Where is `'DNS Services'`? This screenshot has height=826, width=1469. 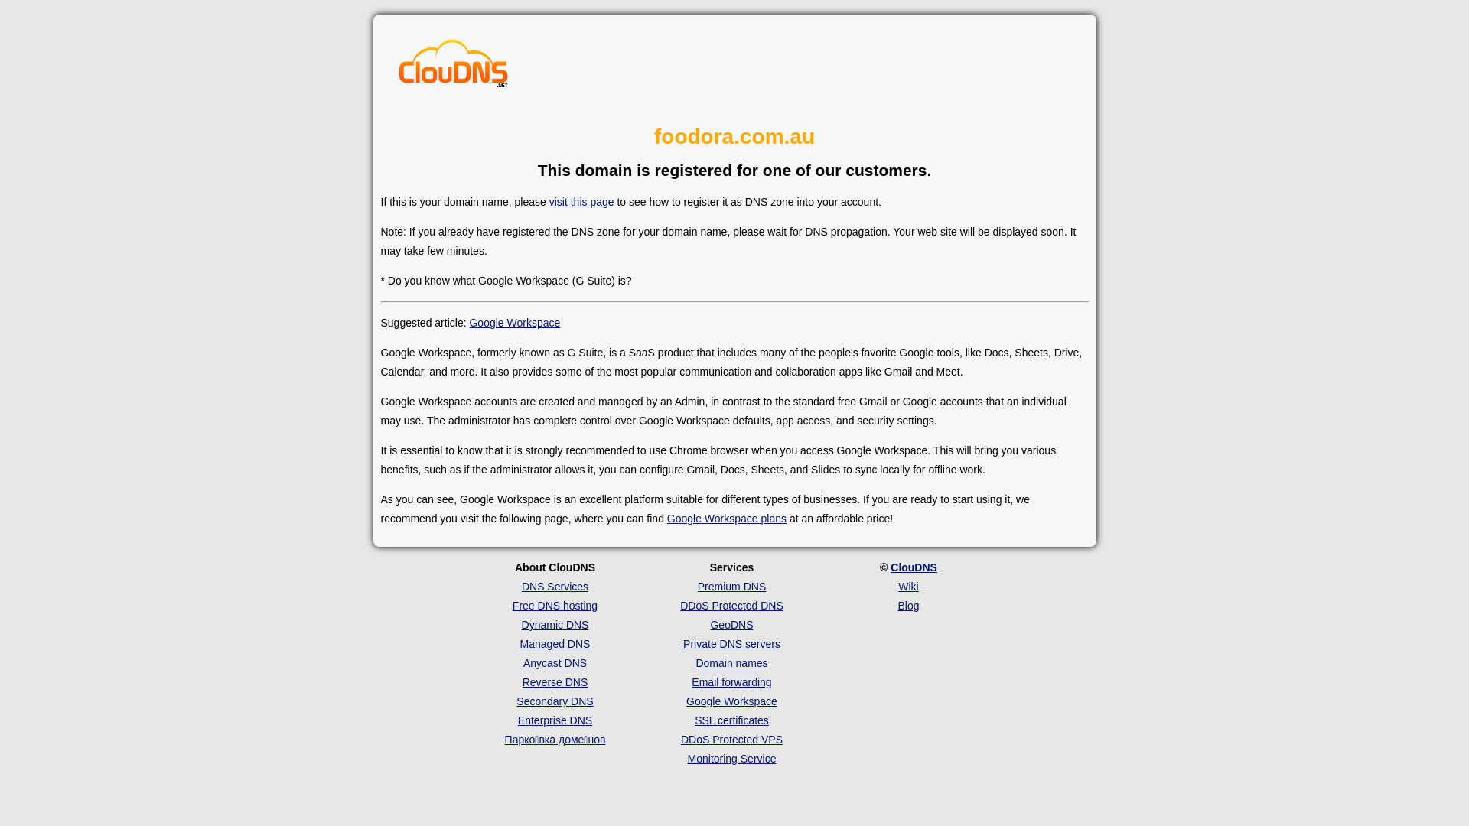 'DNS Services' is located at coordinates (521, 586).